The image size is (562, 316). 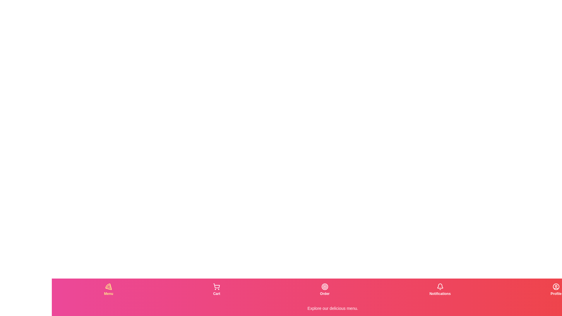 What do you see at coordinates (324, 290) in the screenshot?
I see `the tab labeled Order to observe the visual changes` at bounding box center [324, 290].